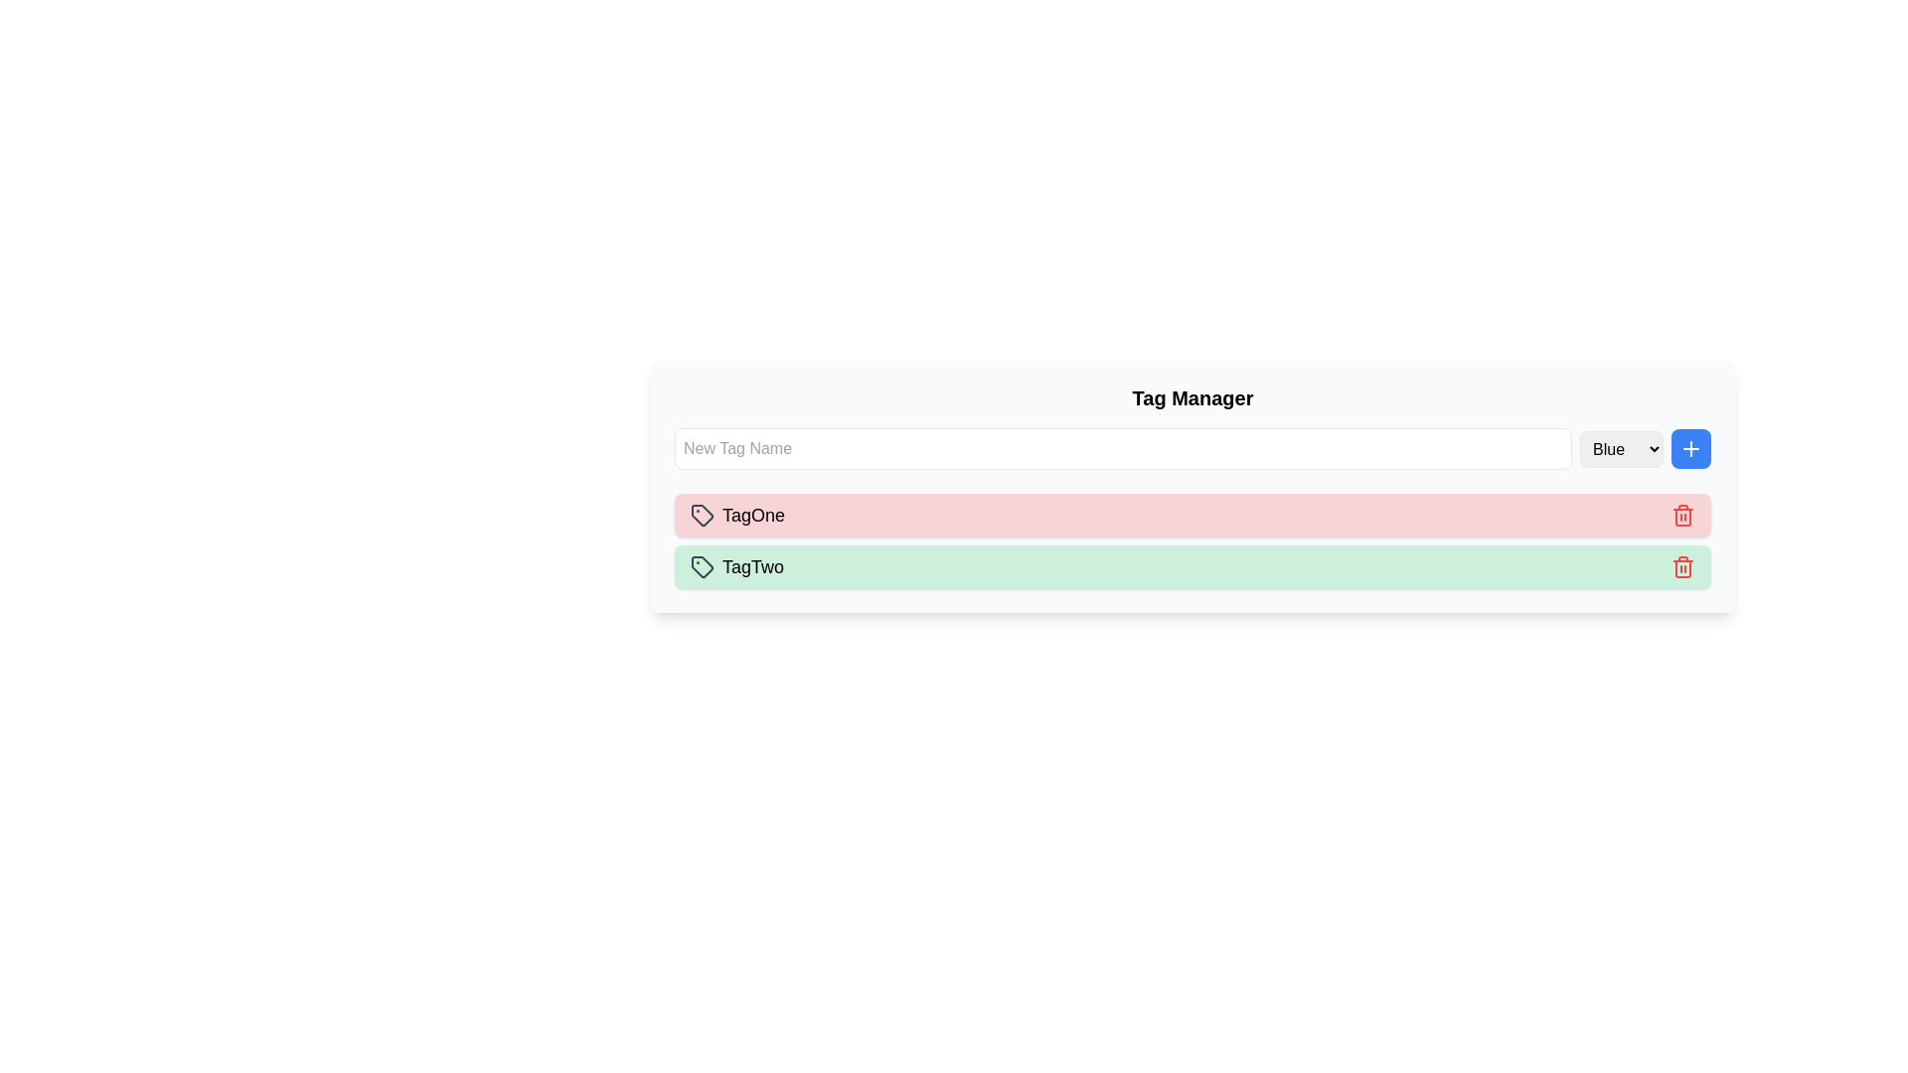  What do you see at coordinates (702, 515) in the screenshot?
I see `the small gray outlined tag icon with a circular hole, located on the red background, positioned to the left of the 'TagOne' tag entry` at bounding box center [702, 515].